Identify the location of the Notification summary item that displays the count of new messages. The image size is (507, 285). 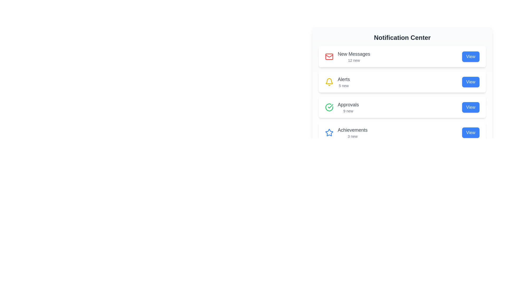
(348, 57).